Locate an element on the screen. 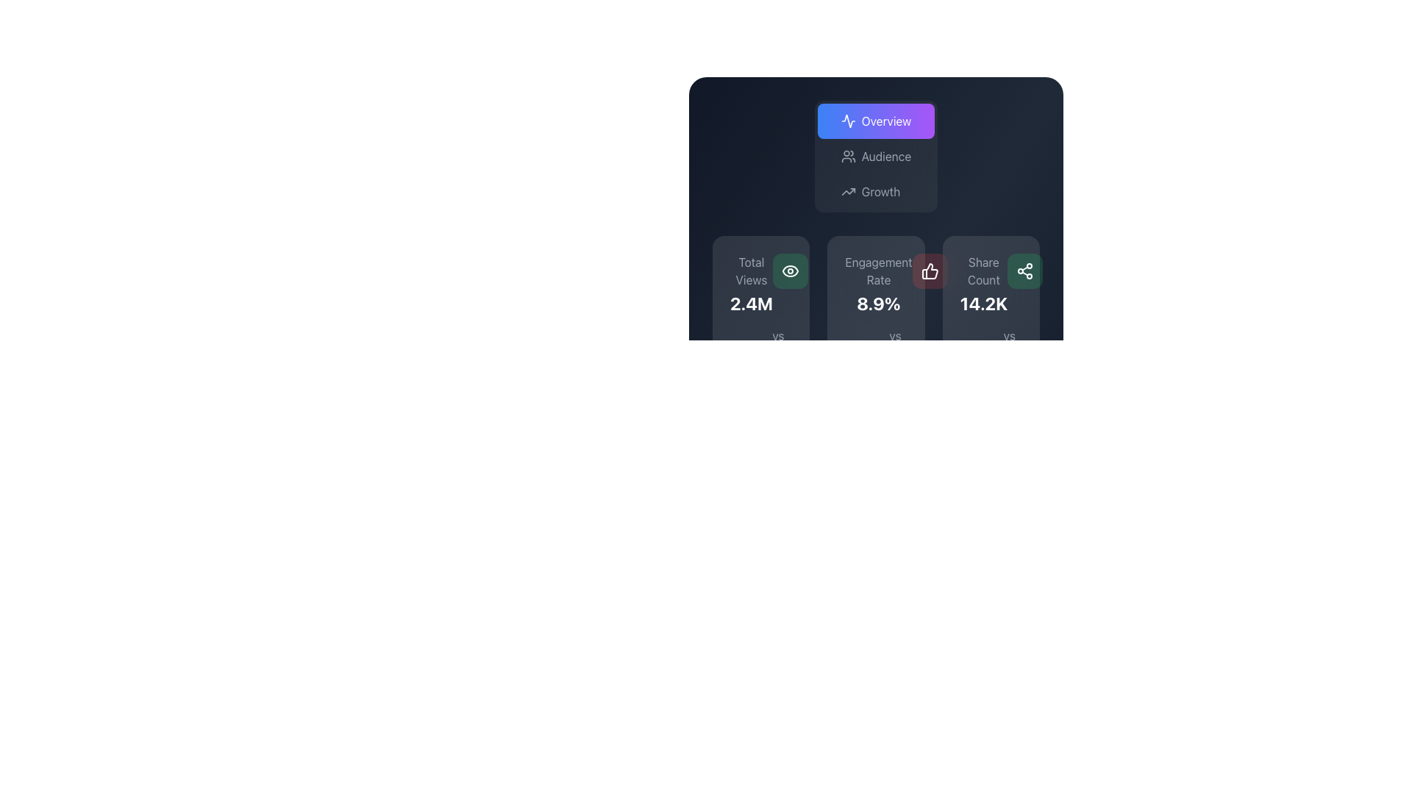  the navigational button at the bottom of the vertical list is located at coordinates (871, 191).